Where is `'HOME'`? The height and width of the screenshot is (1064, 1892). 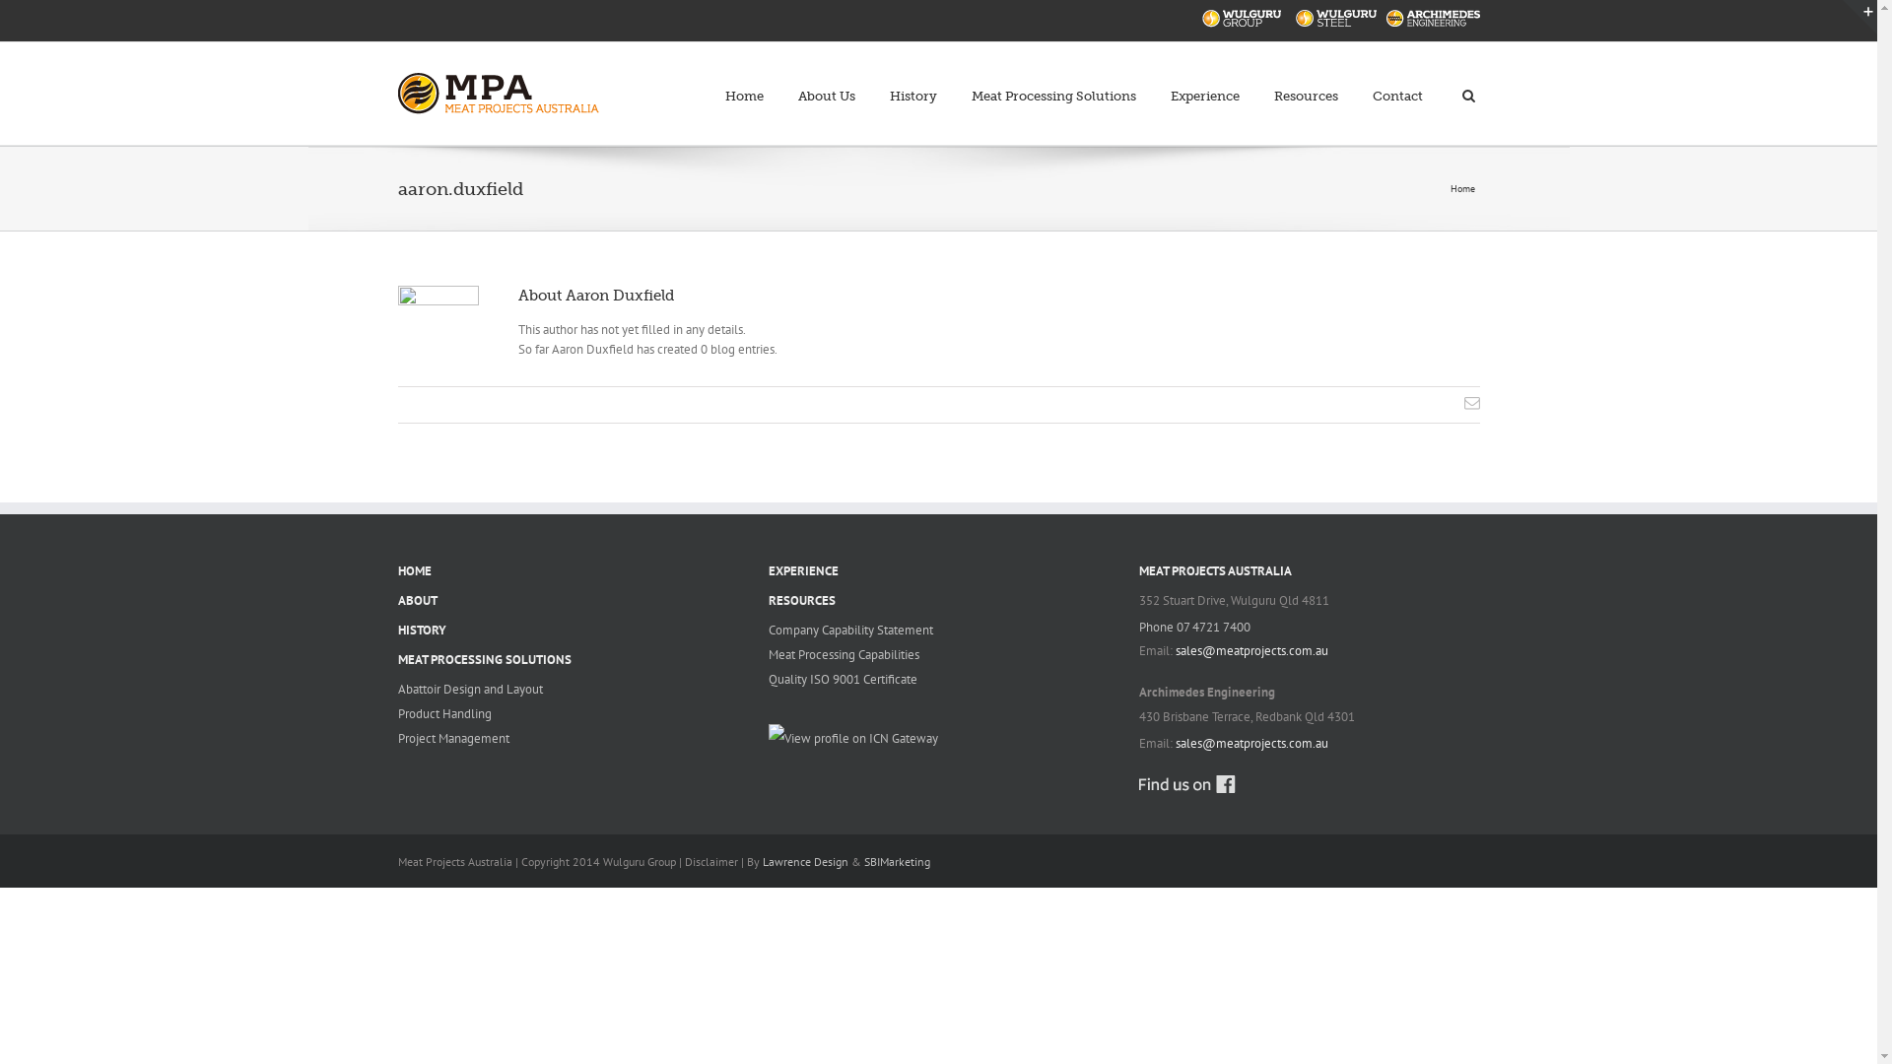 'HOME' is located at coordinates (396, 570).